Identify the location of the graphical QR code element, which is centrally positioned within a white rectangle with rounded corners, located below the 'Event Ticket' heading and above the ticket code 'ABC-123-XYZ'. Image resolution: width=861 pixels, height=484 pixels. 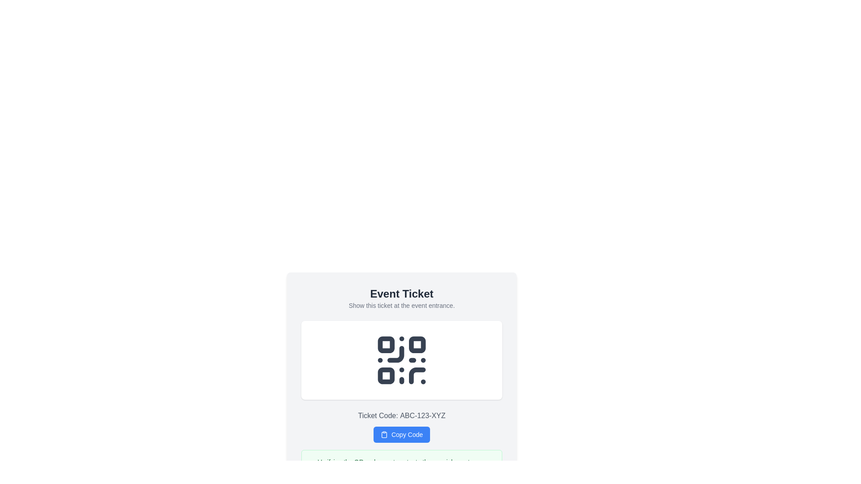
(401, 359).